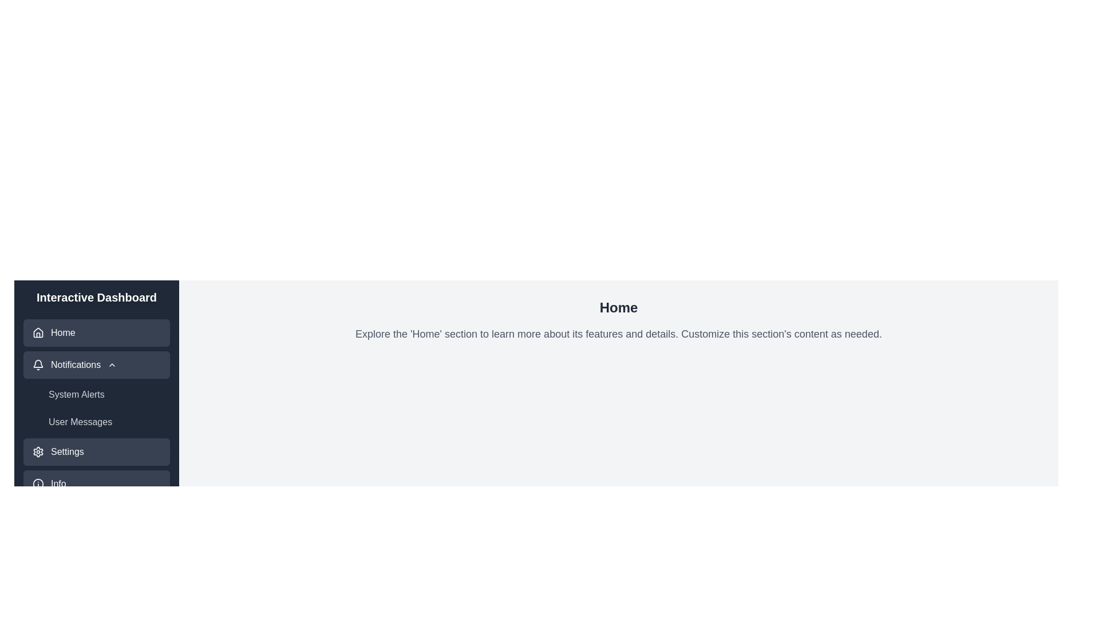 The height and width of the screenshot is (618, 1099). Describe the element at coordinates (38, 363) in the screenshot. I see `the bell-shaped SVG notification icon located in the sidebar under the 'Notifications' menu` at that location.